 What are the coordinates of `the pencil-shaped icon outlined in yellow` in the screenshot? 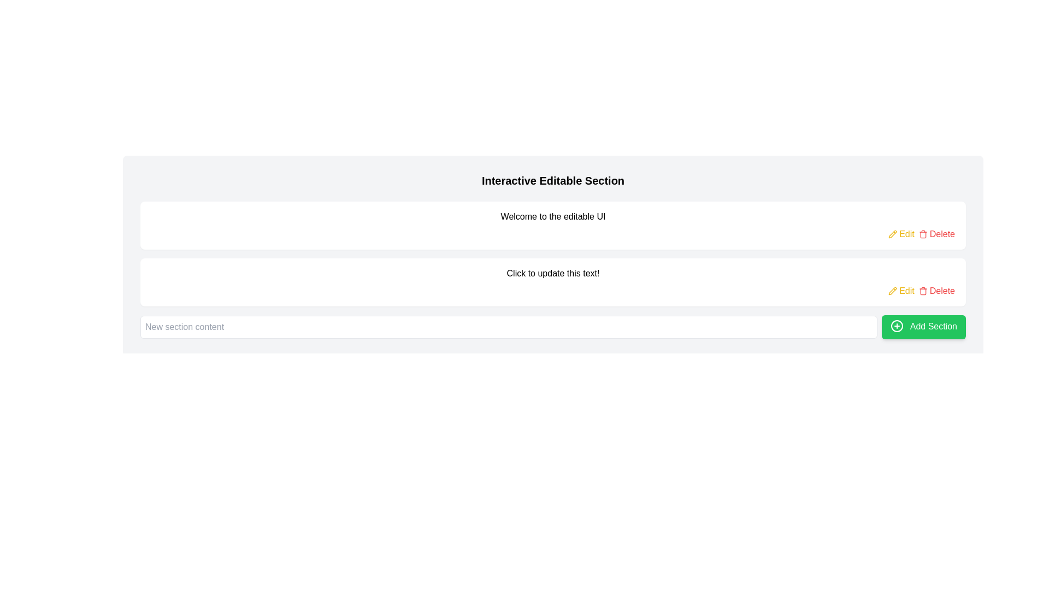 It's located at (893, 233).